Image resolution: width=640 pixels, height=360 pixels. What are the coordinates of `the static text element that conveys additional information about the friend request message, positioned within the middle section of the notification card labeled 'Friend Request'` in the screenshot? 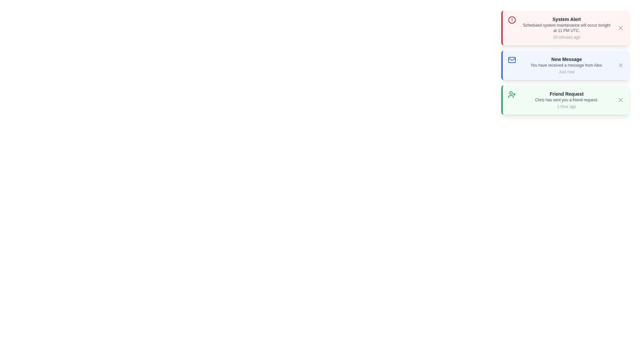 It's located at (566, 100).